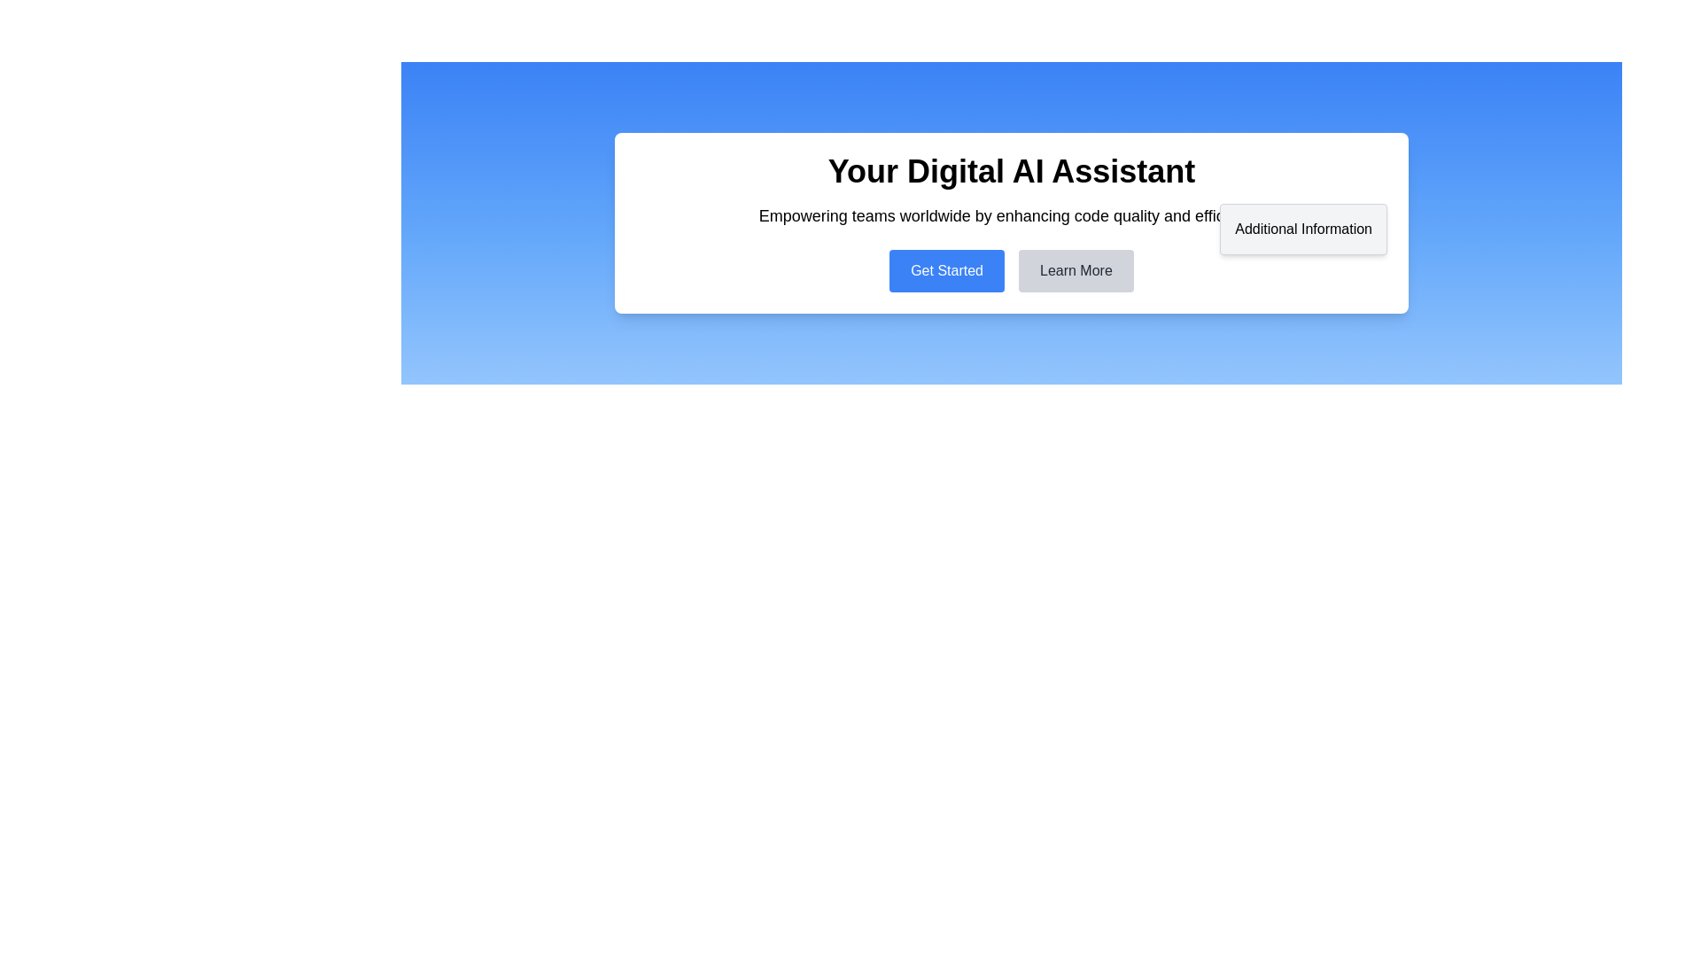  Describe the element at coordinates (1303, 228) in the screenshot. I see `the Text Label that displays 'Additional Information', styled with a light gray background and black font, located in the top-right area of a white card on a blue gradient background` at that location.